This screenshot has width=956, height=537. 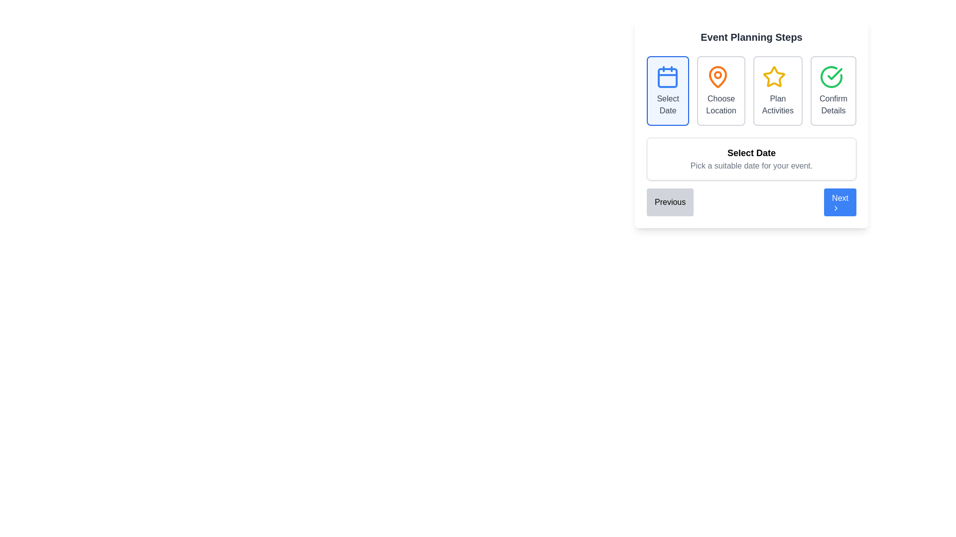 What do you see at coordinates (751, 153) in the screenshot?
I see `the 'Select Date' heading, which is a bold and prominent label indicating an important section in the Event Planning Steps interface` at bounding box center [751, 153].